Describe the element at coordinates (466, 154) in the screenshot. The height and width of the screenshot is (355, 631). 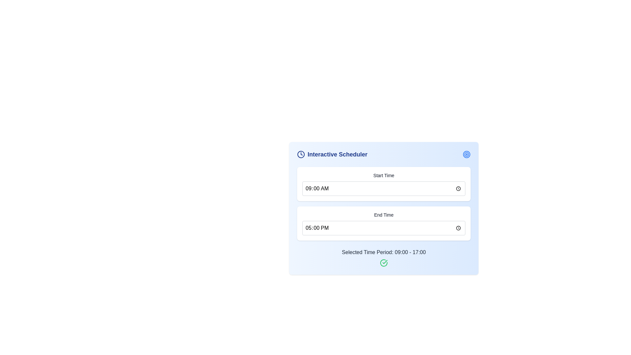
I see `the outermost boundary SVG circle element of the target icon in the top-right corner of the 'Interactive Scheduler' card layout` at that location.